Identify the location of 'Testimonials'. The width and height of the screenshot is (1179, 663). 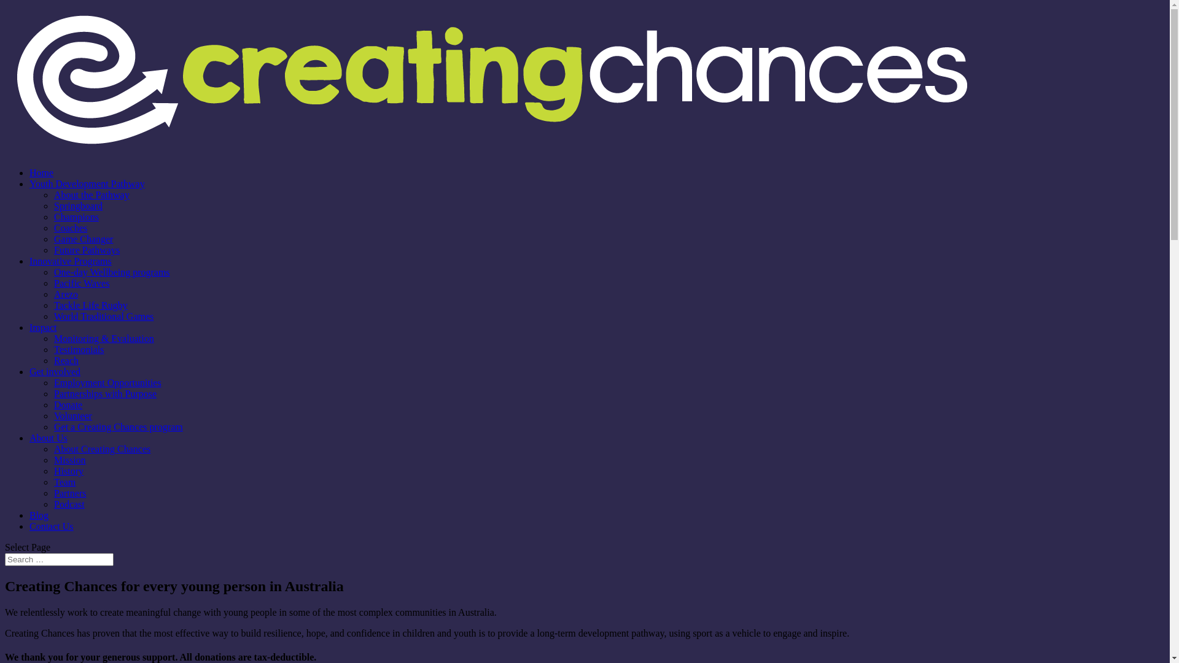
(79, 349).